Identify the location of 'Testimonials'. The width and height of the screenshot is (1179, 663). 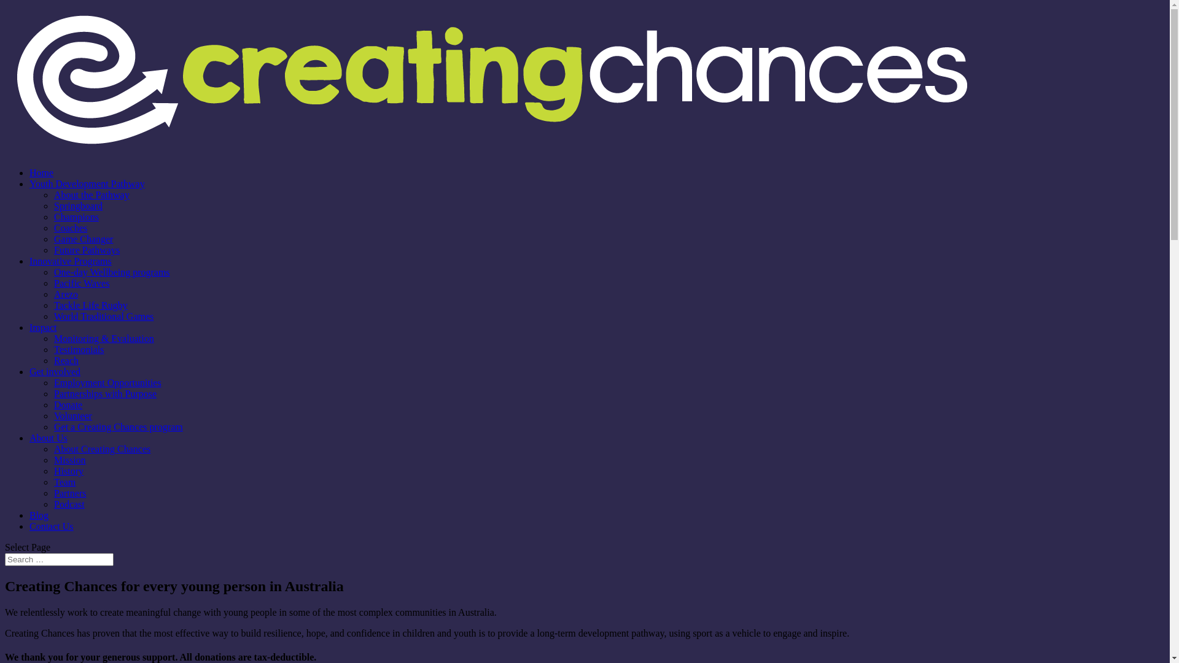
(79, 349).